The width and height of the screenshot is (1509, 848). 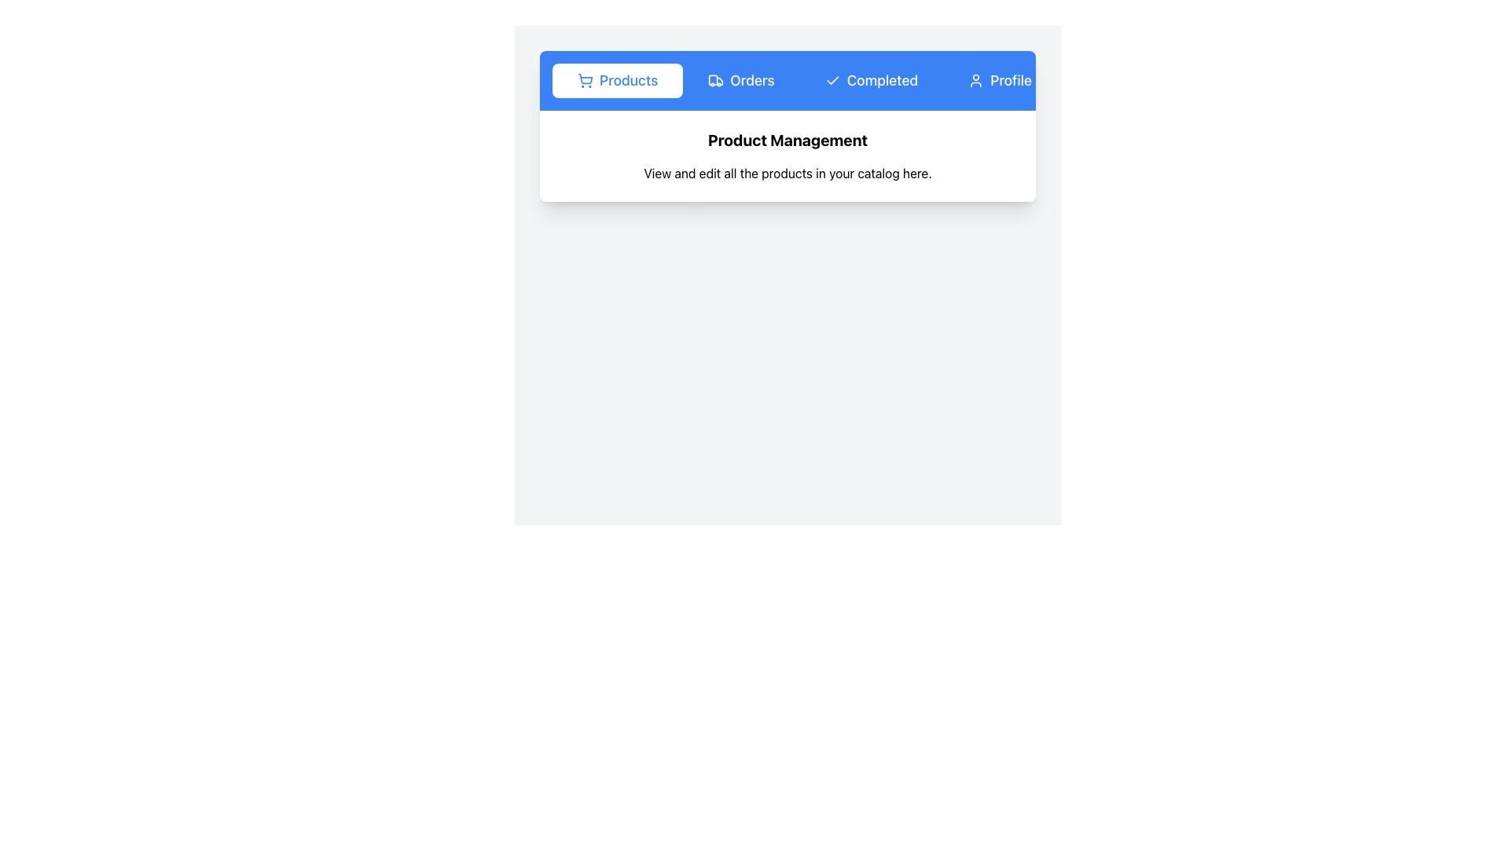 What do you see at coordinates (975, 81) in the screenshot?
I see `the minimalistic user profile icon located to the left of the 'Profile' label on a blue button in the top-right section of the navigation bar` at bounding box center [975, 81].